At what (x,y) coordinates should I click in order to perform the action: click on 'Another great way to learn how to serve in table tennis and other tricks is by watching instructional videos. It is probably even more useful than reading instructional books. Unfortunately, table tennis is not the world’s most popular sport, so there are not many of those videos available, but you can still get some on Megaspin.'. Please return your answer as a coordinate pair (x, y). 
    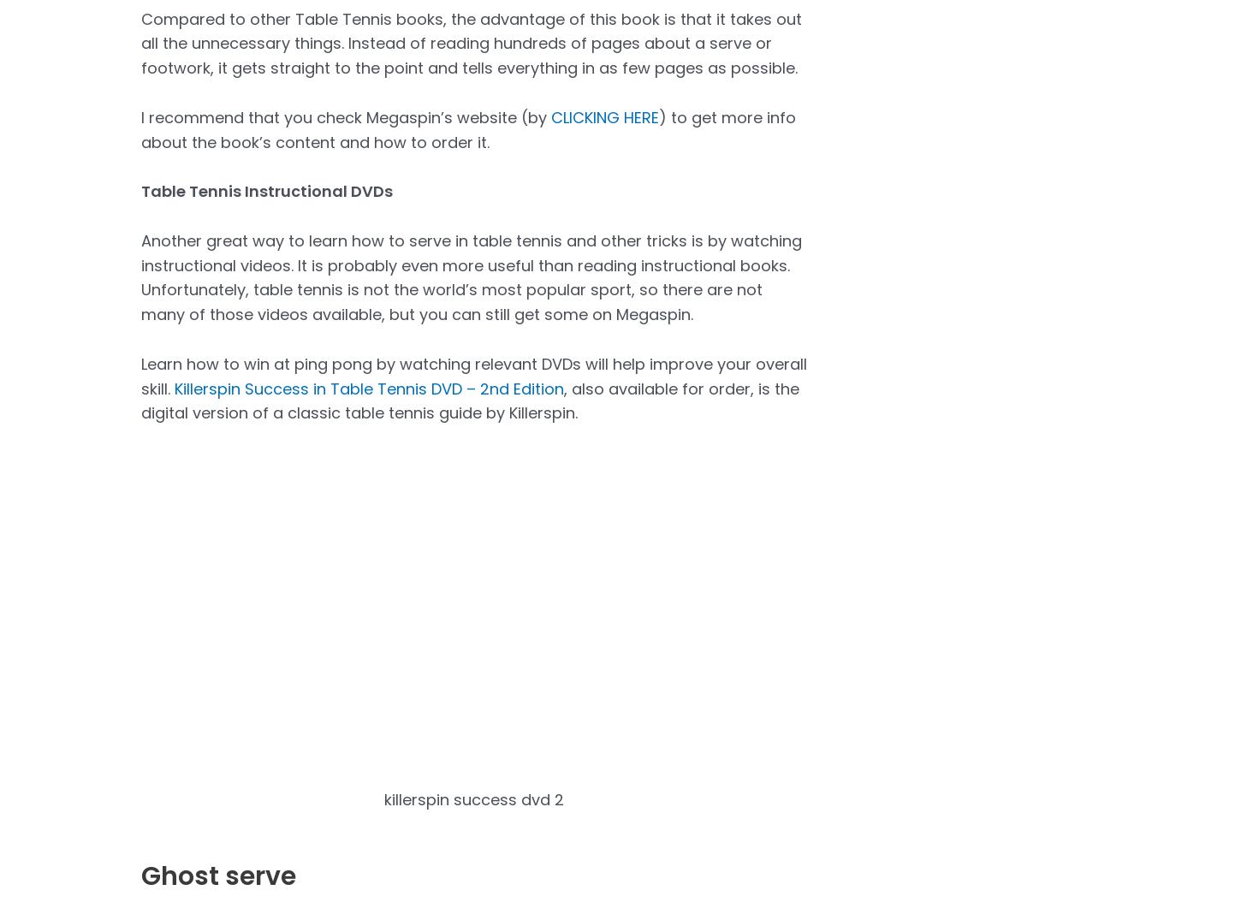
    Looking at the image, I should click on (472, 276).